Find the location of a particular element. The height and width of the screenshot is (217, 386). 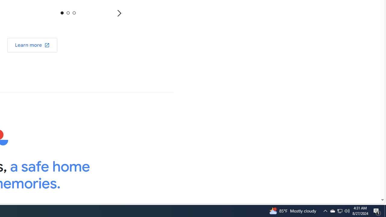

'2' is located at coordinates (74, 13).